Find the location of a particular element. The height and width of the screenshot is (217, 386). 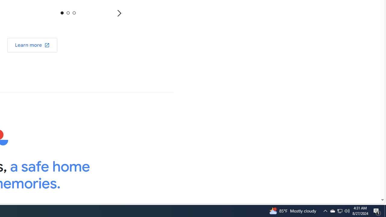

'2' is located at coordinates (74, 13).